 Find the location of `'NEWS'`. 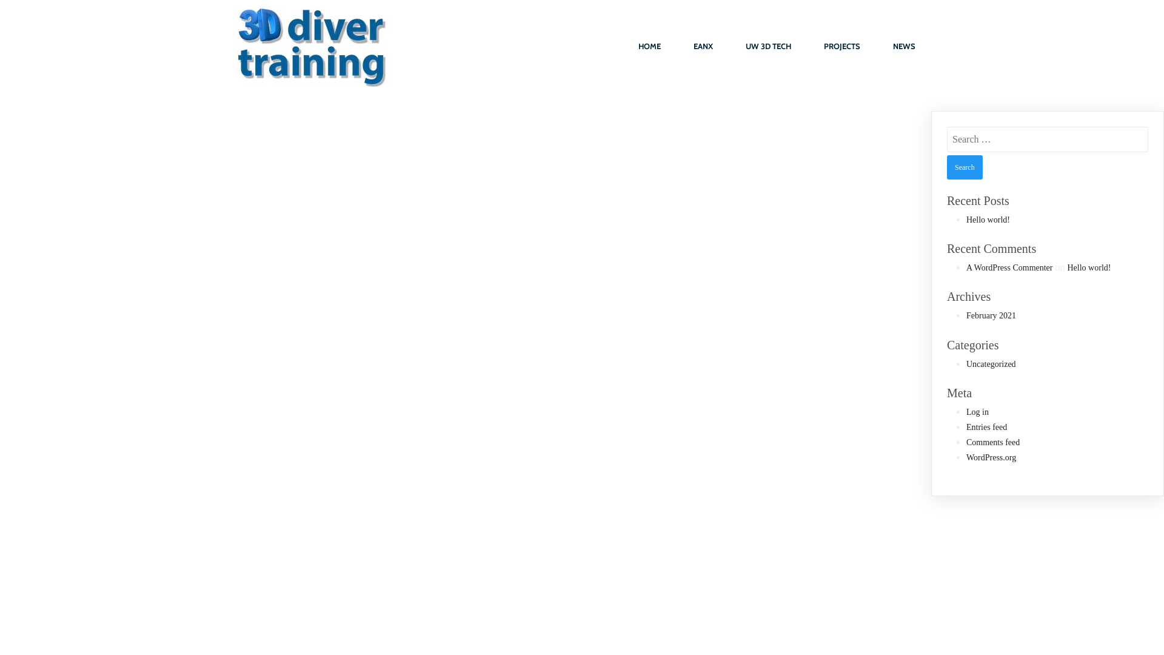

'NEWS' is located at coordinates (904, 46).